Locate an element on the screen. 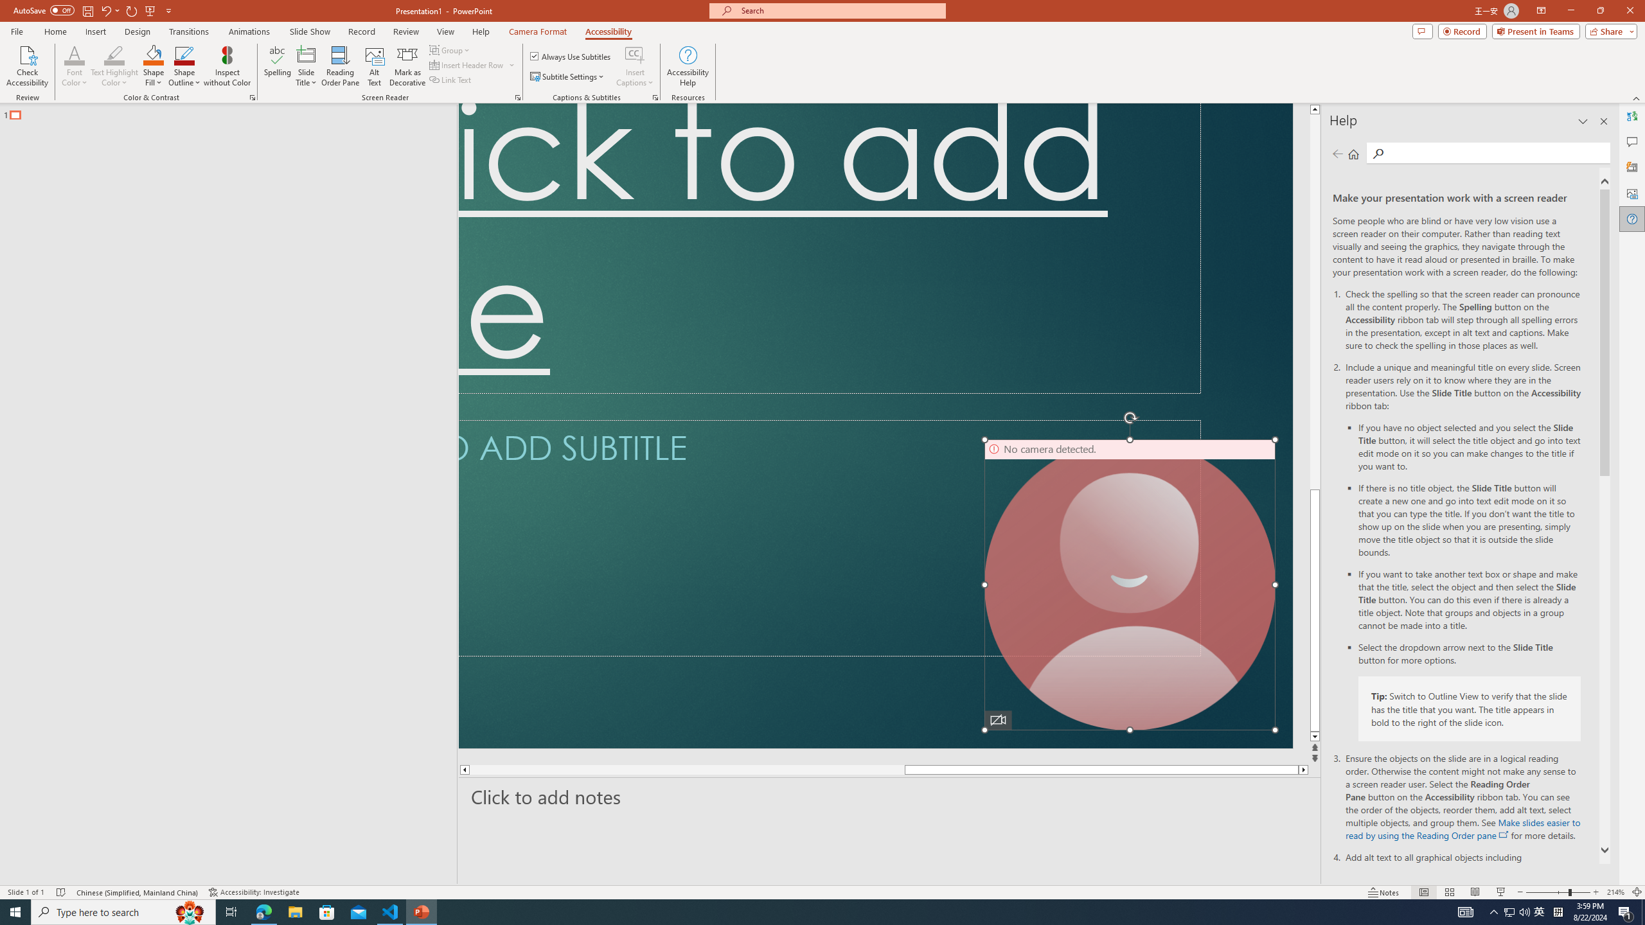  'Color & Contrast' is located at coordinates (251, 96).